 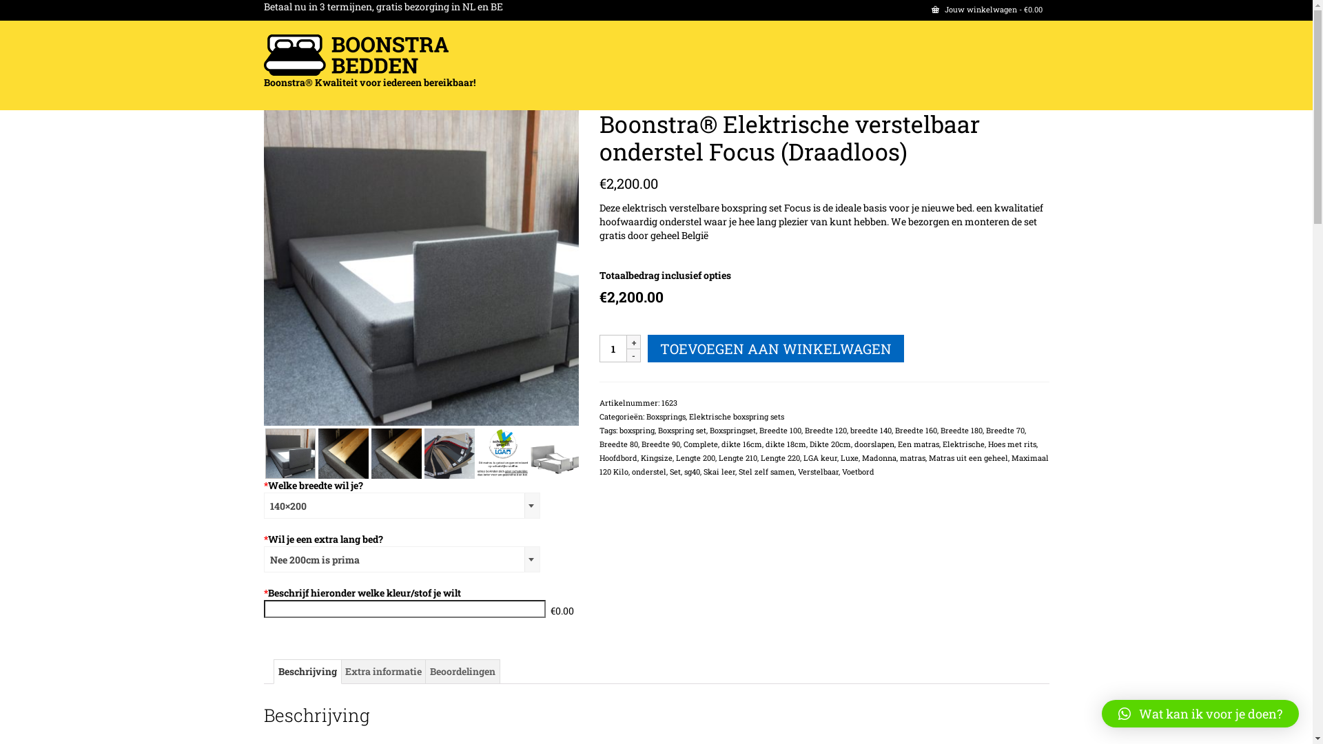 I want to click on 'Wat kan ik voor je doen?', so click(x=1200, y=713).